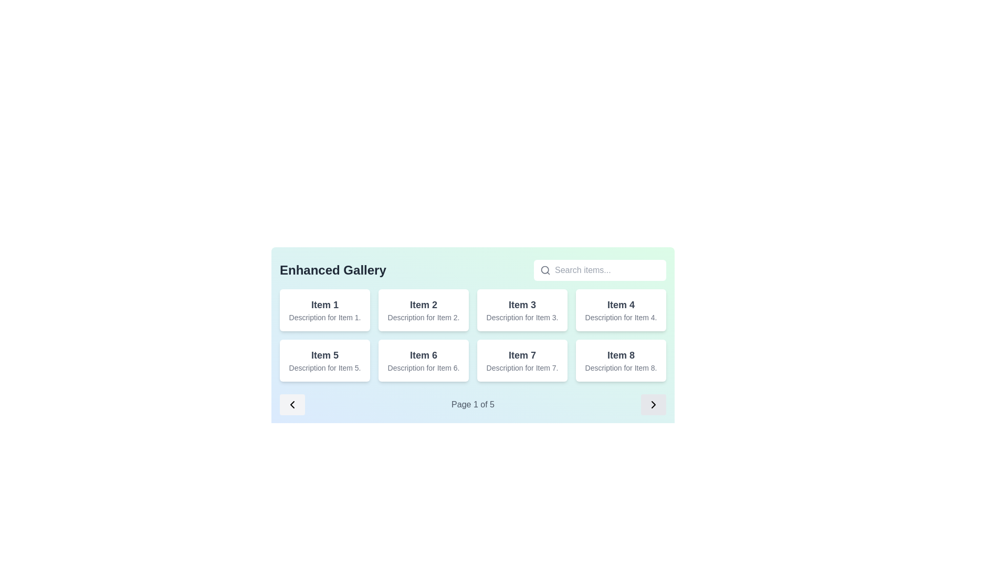 This screenshot has width=1008, height=567. I want to click on the informational card located at the beginning of the second row in the grid, which is the fifth card overall, so click(324, 360).